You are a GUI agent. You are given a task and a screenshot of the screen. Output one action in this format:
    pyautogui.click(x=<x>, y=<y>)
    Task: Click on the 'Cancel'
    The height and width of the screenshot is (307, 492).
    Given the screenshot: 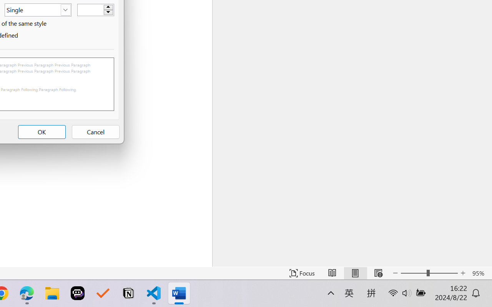 What is the action you would take?
    pyautogui.click(x=95, y=132)
    